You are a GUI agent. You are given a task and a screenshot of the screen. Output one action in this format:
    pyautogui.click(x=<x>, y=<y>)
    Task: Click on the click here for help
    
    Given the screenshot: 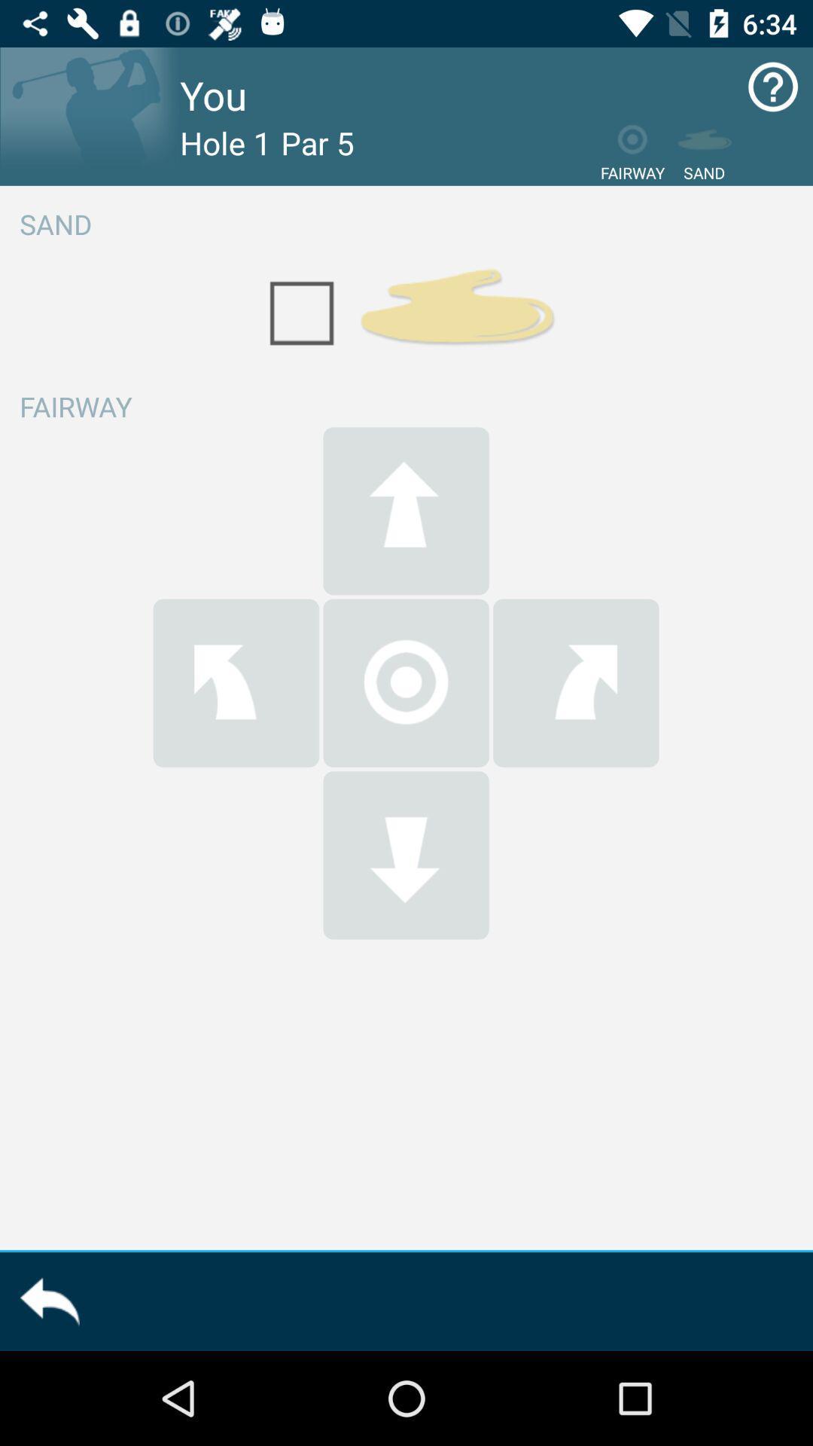 What is the action you would take?
    pyautogui.click(x=773, y=86)
    